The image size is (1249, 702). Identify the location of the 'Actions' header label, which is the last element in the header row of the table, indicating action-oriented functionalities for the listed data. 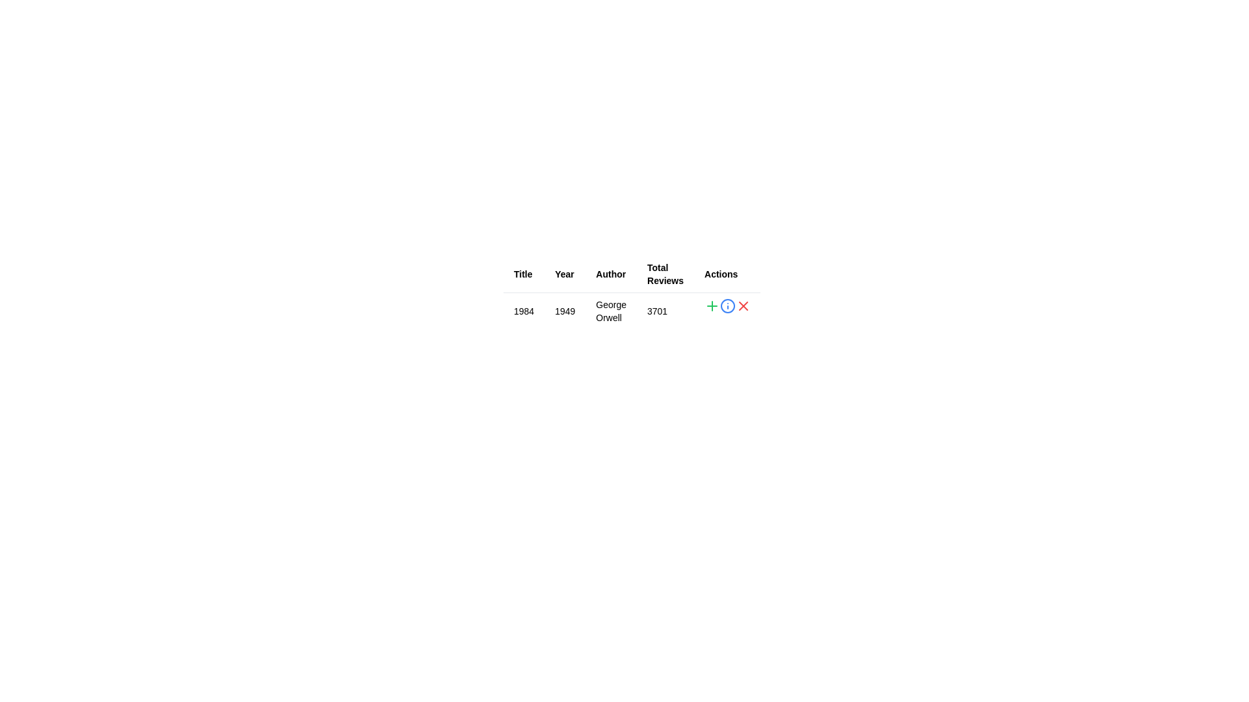
(727, 274).